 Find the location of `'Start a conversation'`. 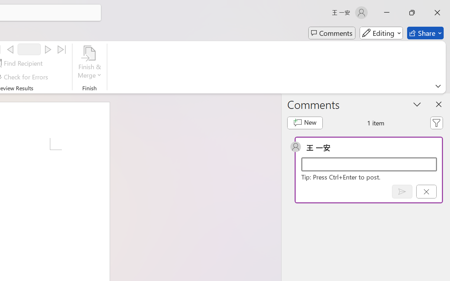

'Start a conversation' is located at coordinates (369, 164).